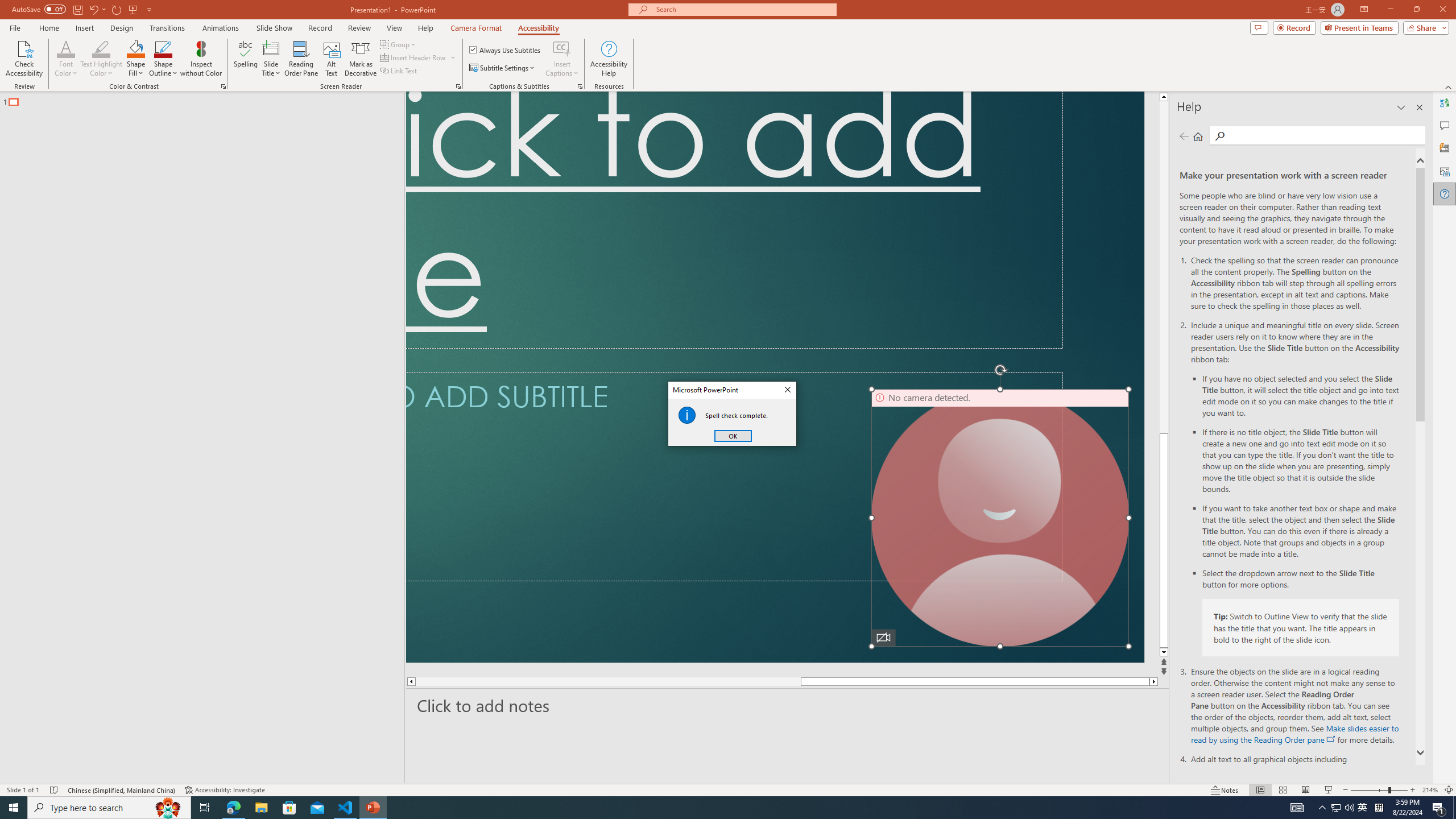 Image resolution: width=1456 pixels, height=819 pixels. I want to click on 'Zoom 214%', so click(1430, 790).